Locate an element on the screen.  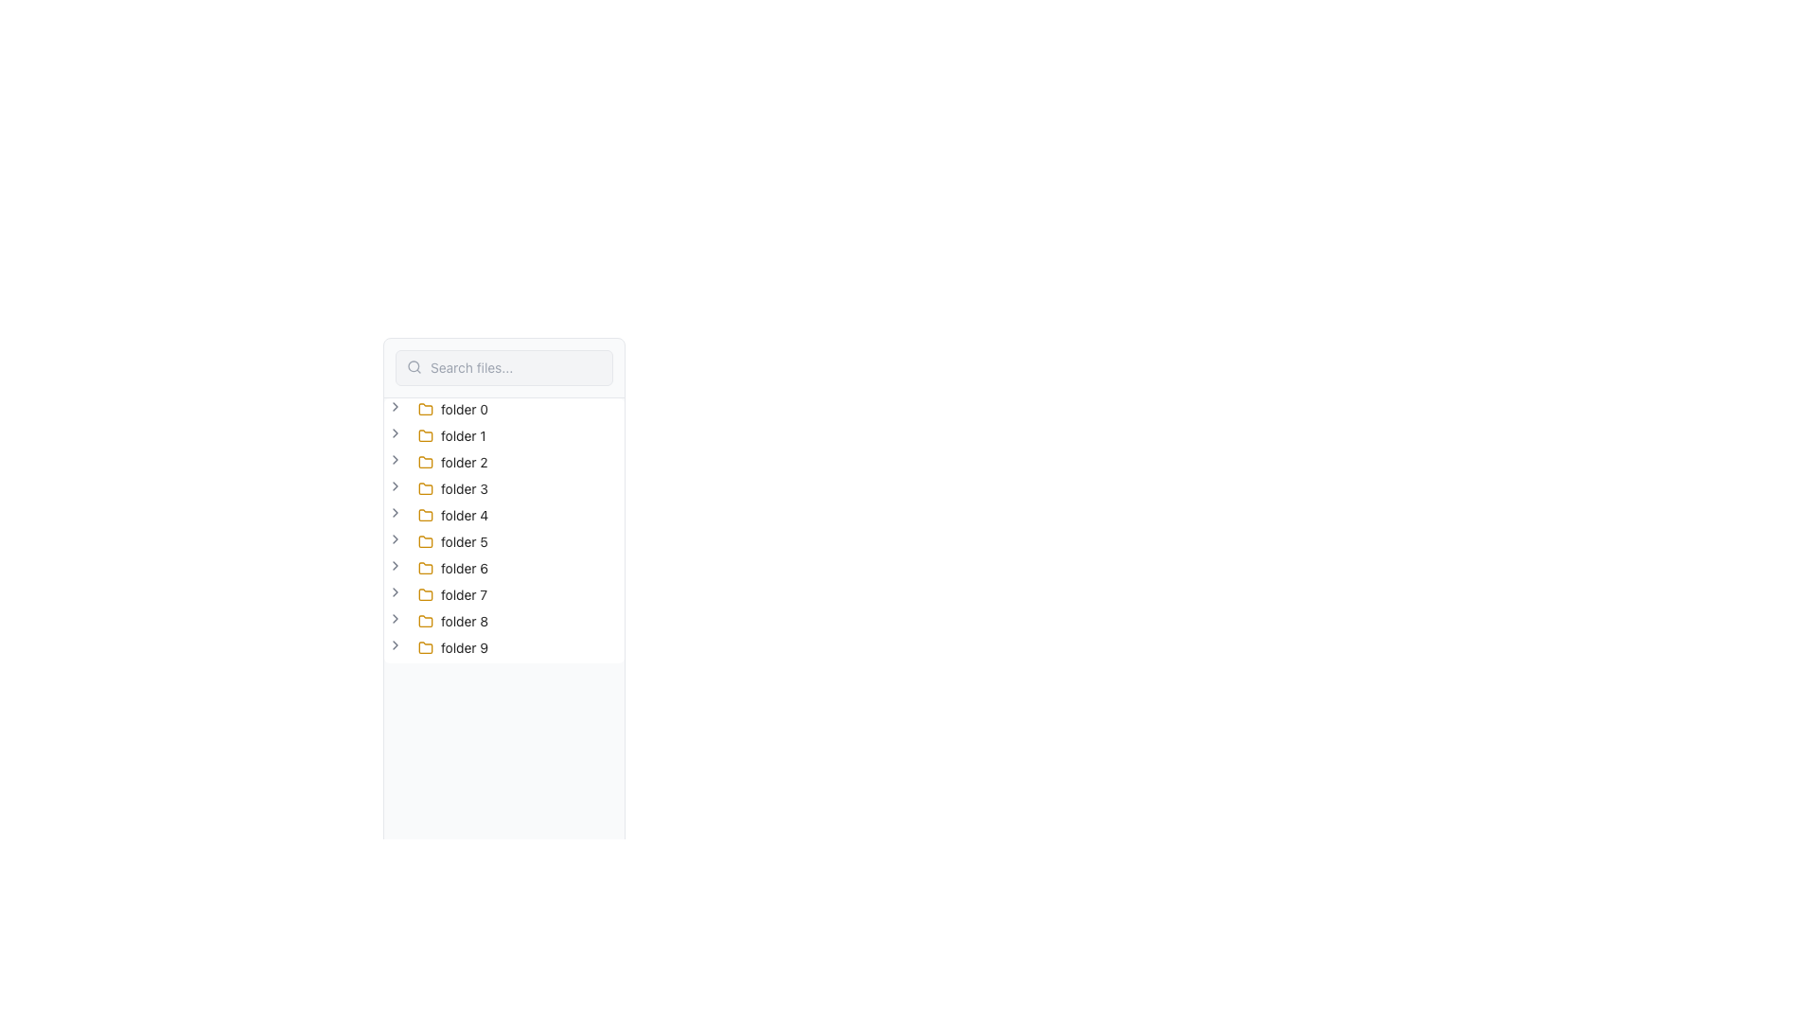
the text label for 'folder 0', which is positioned to the right of the yellow folder icon in the vertical list is located at coordinates (464, 408).